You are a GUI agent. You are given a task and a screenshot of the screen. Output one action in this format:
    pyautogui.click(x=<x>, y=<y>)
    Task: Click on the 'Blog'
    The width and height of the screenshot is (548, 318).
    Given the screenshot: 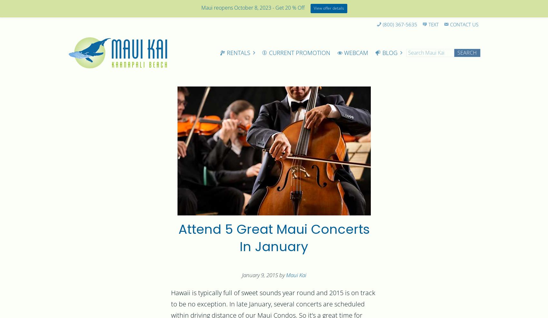 What is the action you would take?
    pyautogui.click(x=389, y=52)
    